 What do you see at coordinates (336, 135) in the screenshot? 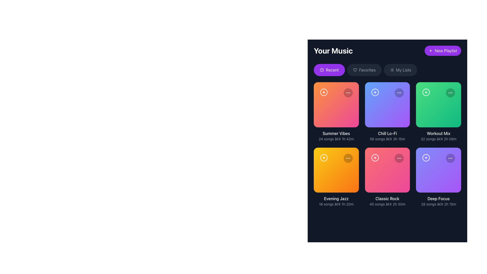
I see `the text label that reads 'Summer Vibes' with the description '24 songs • 1h 42m' located at the bottom of the first card in the 'Your Music' section of the playlist grid` at bounding box center [336, 135].